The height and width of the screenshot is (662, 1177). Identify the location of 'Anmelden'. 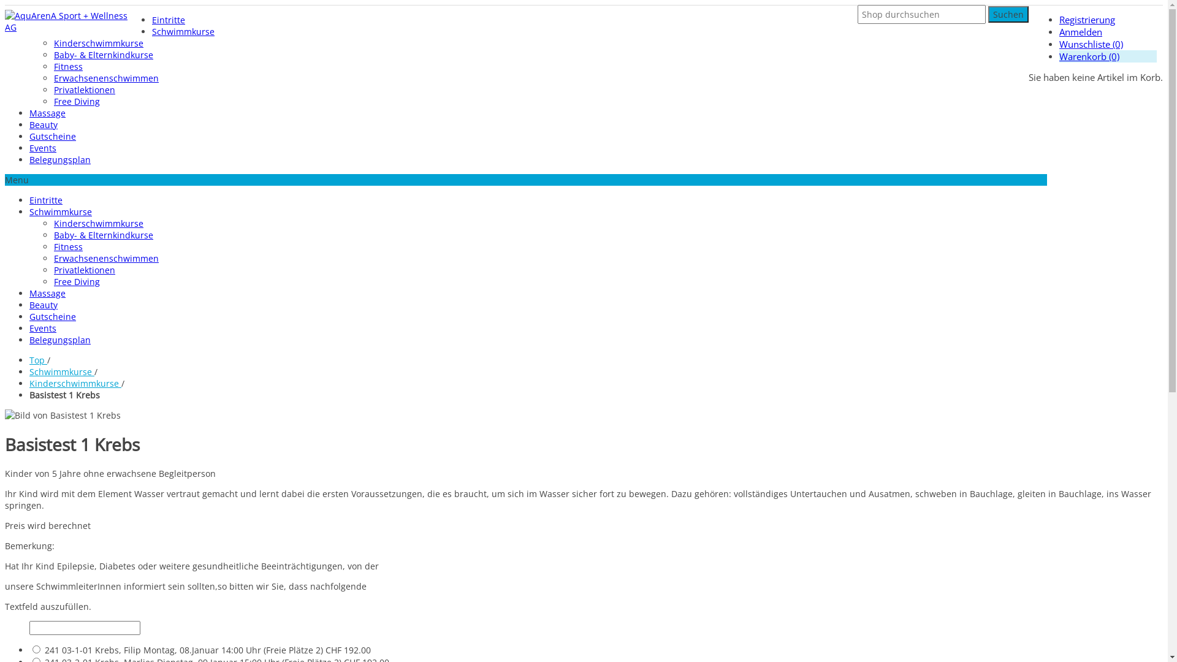
(1080, 31).